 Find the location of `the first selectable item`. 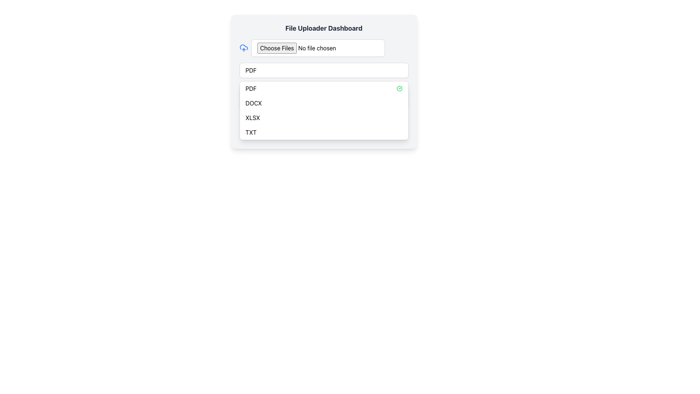

the first selectable item is located at coordinates (250, 70).